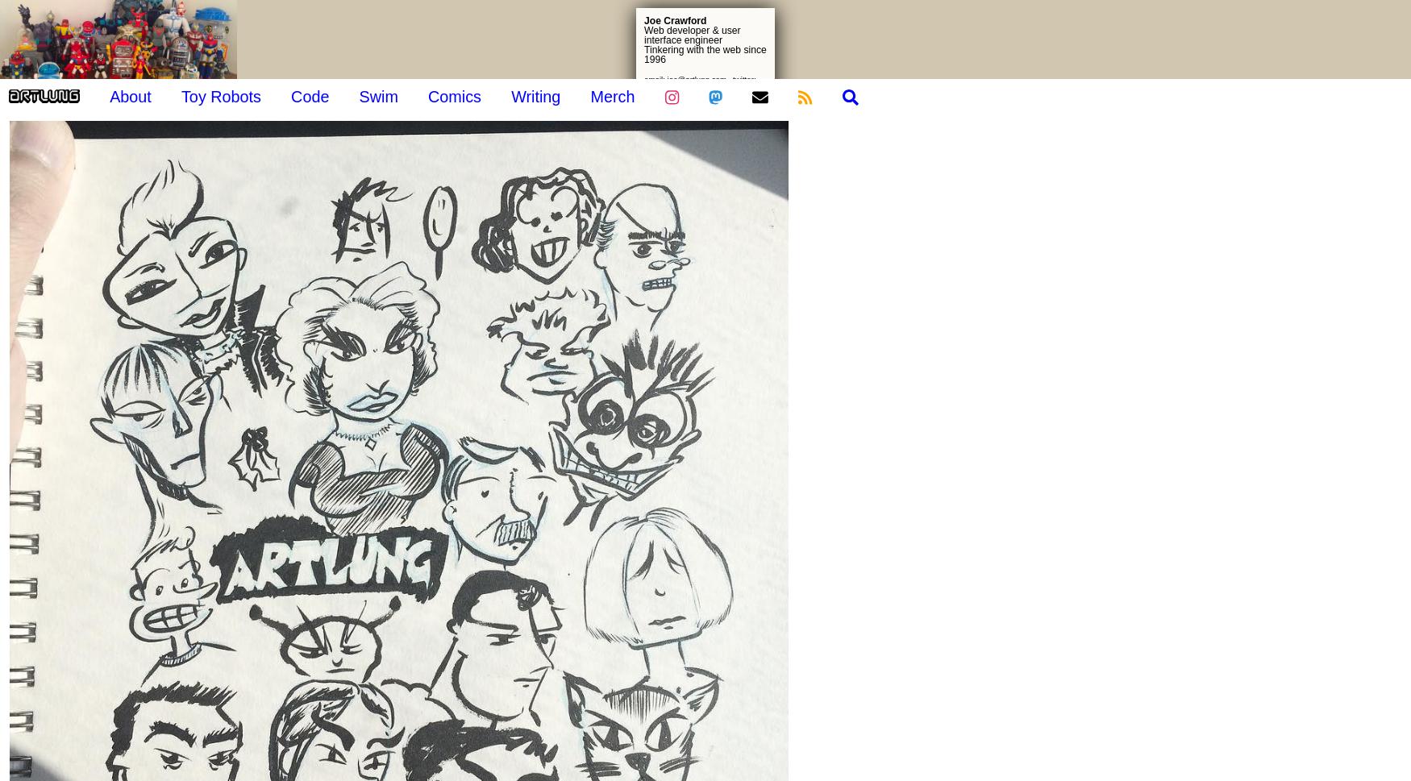 Image resolution: width=1411 pixels, height=781 pixels. I want to click on 'Writing', so click(535, 95).